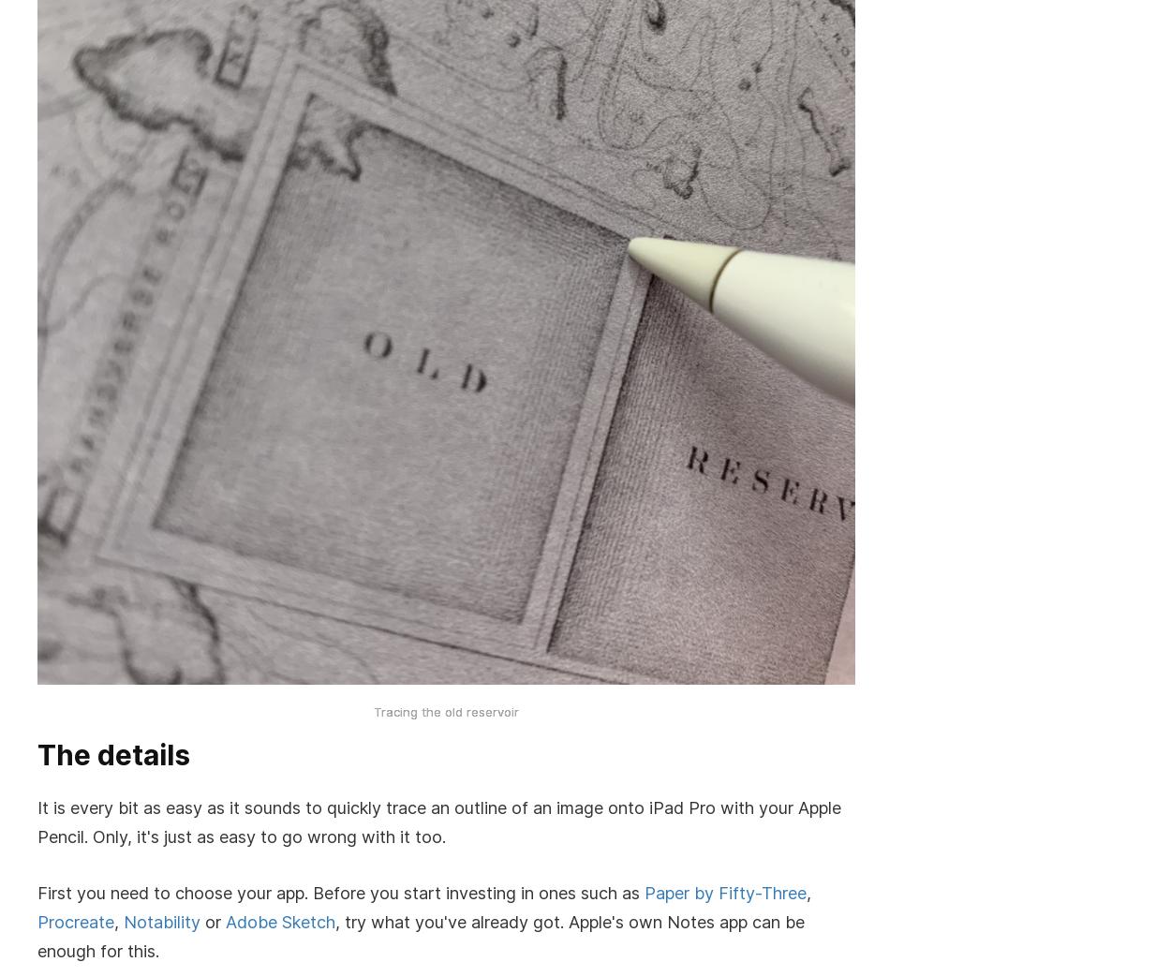 The width and height of the screenshot is (1171, 977). What do you see at coordinates (373, 709) in the screenshot?
I see `'Tracing the old reservoir'` at bounding box center [373, 709].